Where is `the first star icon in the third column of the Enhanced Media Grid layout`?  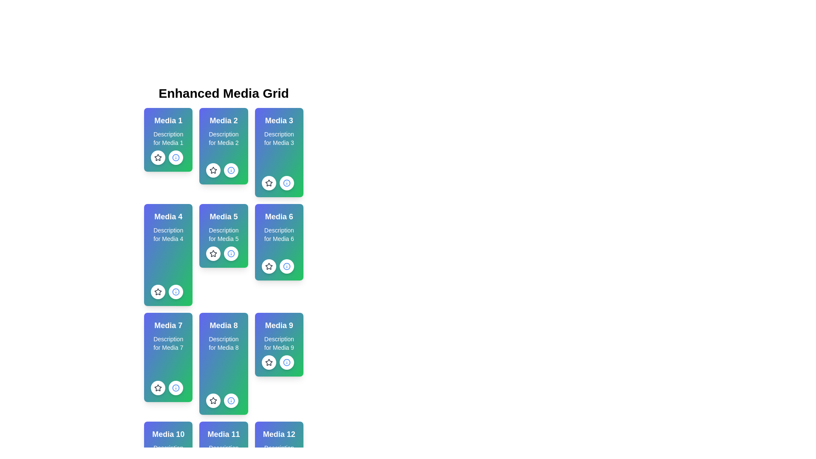
the first star icon in the third column of the Enhanced Media Grid layout is located at coordinates (268, 182).